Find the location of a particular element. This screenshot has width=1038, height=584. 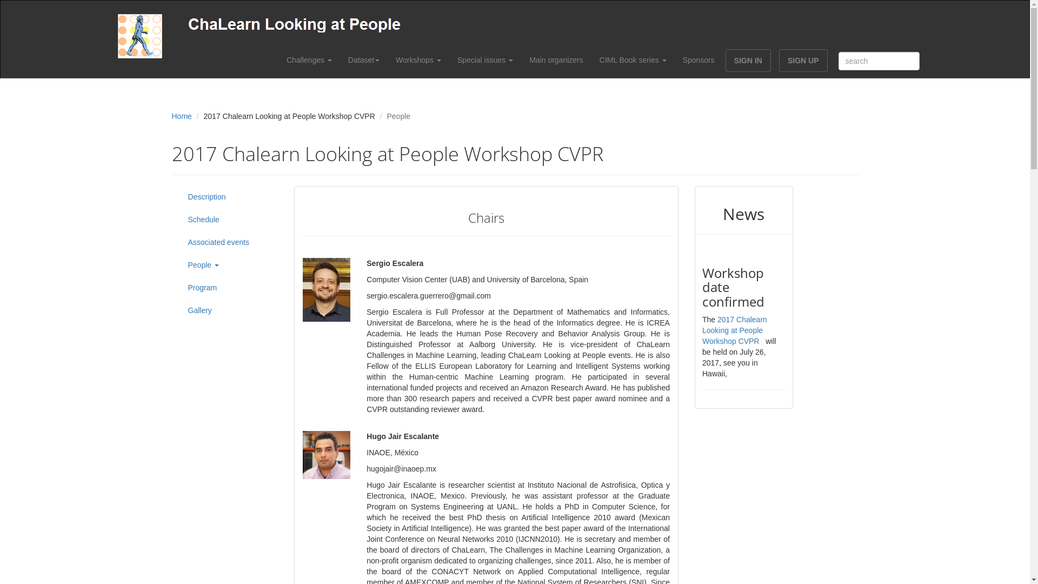

'Challenges' is located at coordinates (308, 60).